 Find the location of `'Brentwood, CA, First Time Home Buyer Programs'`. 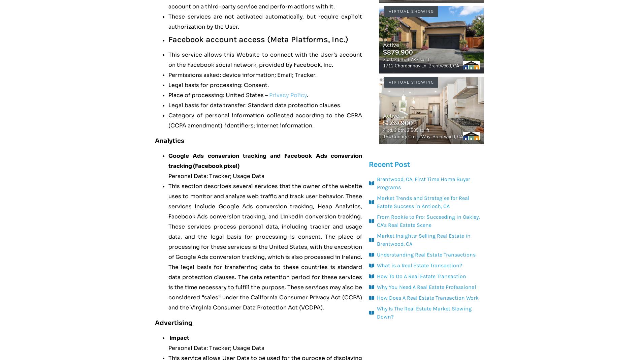

'Brentwood, CA, First Time Home Buyer Programs' is located at coordinates (423, 182).